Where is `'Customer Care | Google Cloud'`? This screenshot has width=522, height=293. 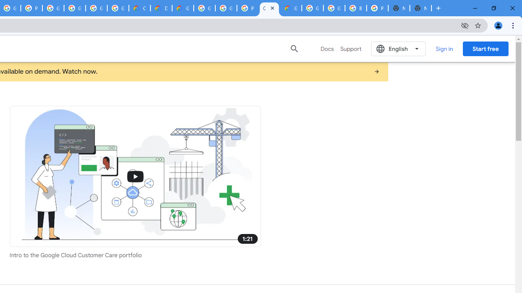
'Customer Care | Google Cloud' is located at coordinates (269, 8).